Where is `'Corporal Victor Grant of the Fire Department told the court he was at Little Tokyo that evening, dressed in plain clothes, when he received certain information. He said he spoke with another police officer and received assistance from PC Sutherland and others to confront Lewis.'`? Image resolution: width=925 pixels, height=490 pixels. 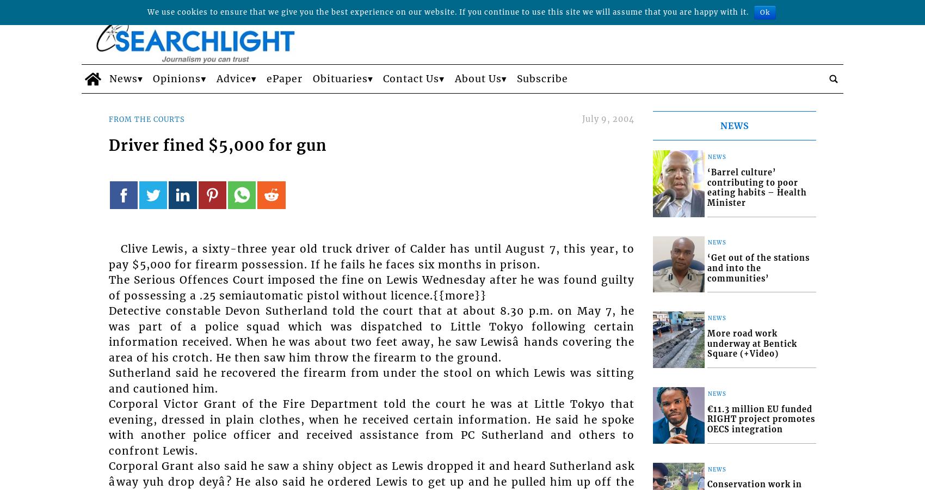
'Corporal Victor Grant of the Fire Department told the court he was at Little Tokyo that evening, dressed in plain clothes, when he received certain information. He said he spoke with another police officer and received assistance from PC Sutherland and others to confront Lewis.' is located at coordinates (372, 426).